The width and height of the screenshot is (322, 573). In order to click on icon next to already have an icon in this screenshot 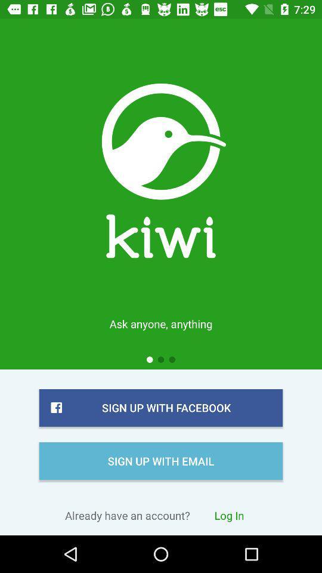, I will do `click(229, 515)`.